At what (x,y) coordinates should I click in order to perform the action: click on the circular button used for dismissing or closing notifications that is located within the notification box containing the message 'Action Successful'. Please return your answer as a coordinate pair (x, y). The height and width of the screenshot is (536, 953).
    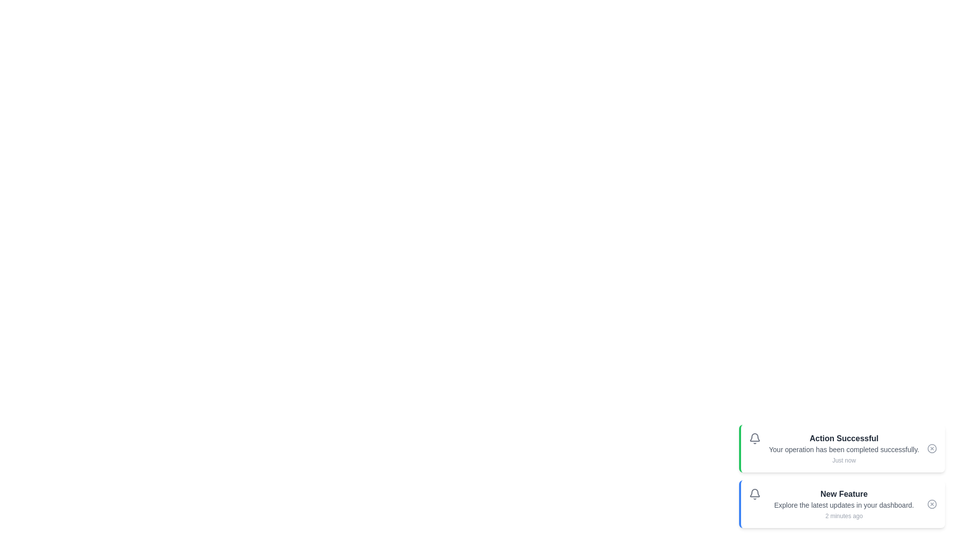
    Looking at the image, I should click on (931, 448).